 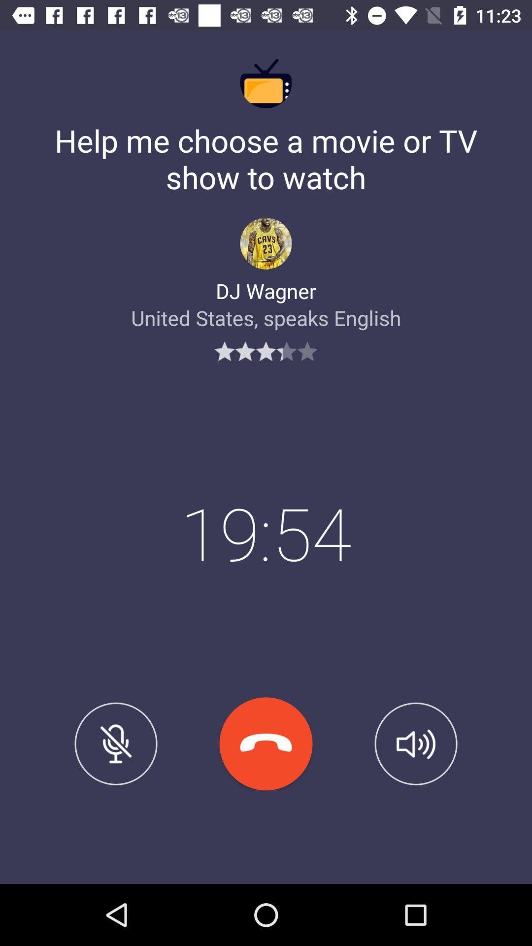 I want to click on item below united states speaks, so click(x=115, y=743).